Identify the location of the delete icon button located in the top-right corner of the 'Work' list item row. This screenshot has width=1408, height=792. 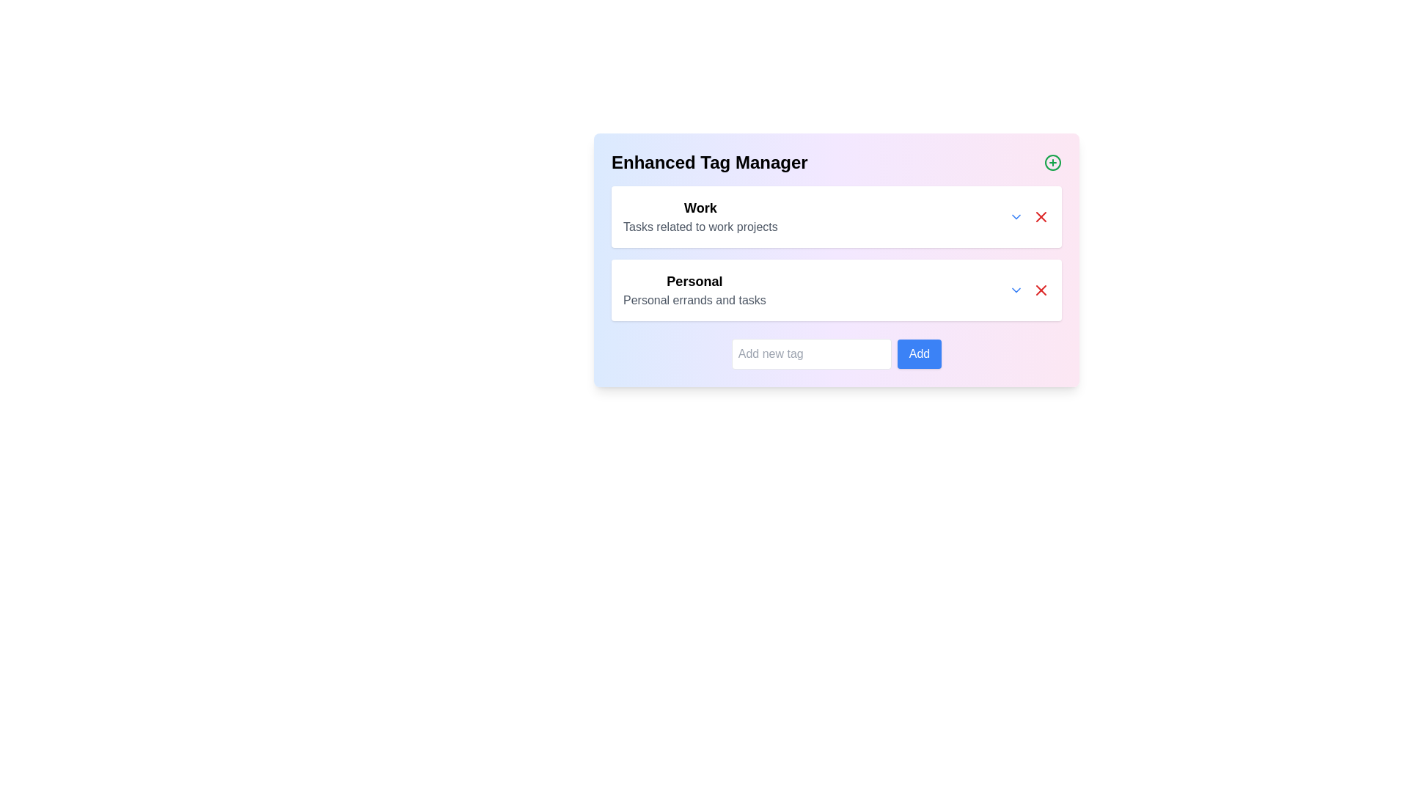
(1041, 217).